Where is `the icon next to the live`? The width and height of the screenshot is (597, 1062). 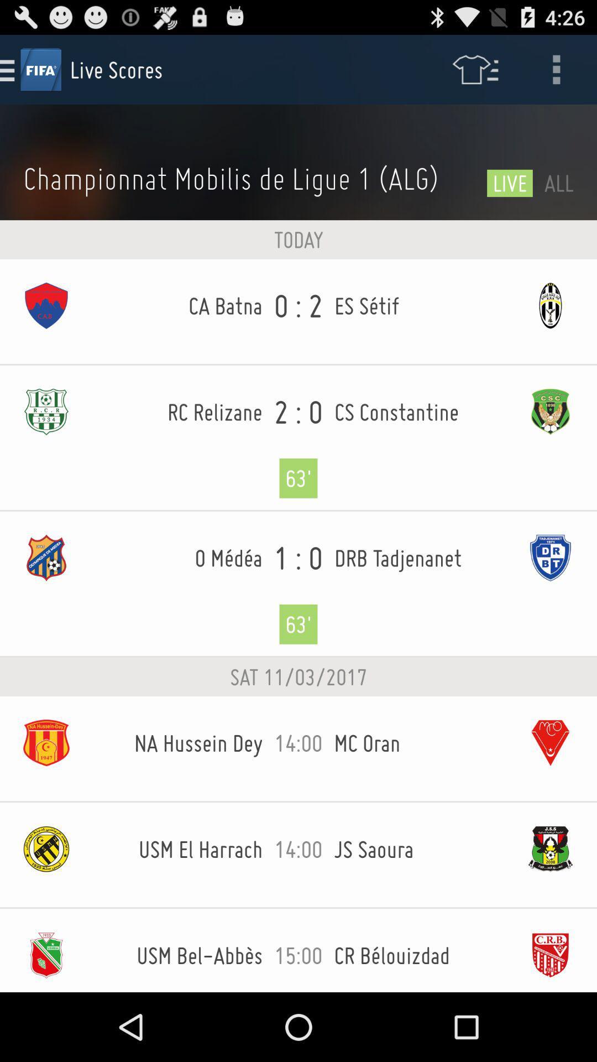
the icon next to the live is located at coordinates (249, 178).